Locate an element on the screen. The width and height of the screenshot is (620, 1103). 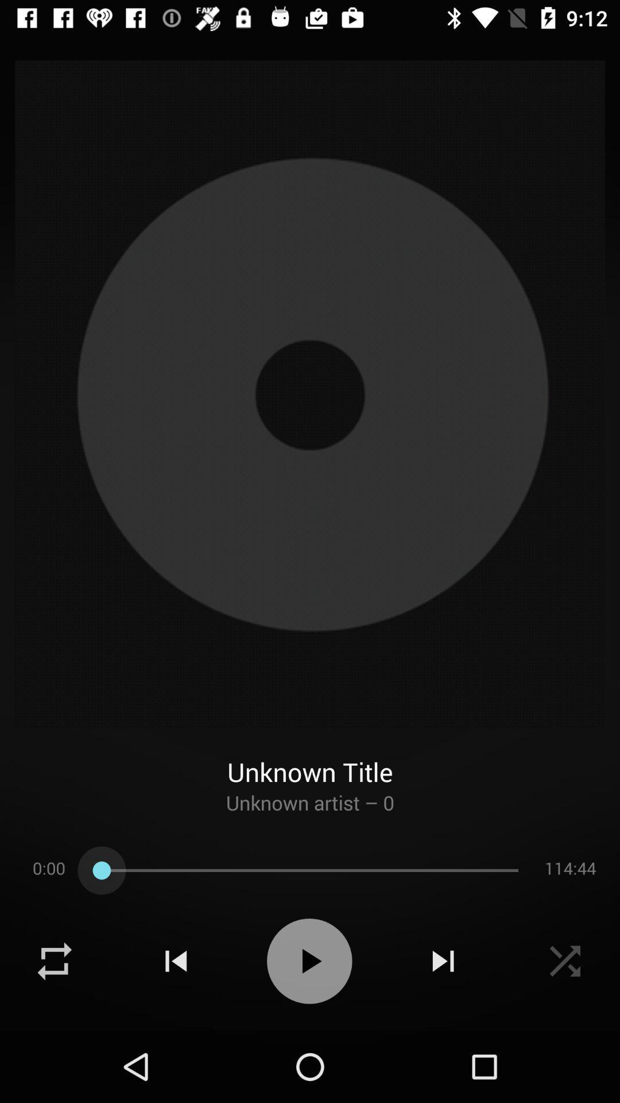
skip to the next song is located at coordinates (443, 961).